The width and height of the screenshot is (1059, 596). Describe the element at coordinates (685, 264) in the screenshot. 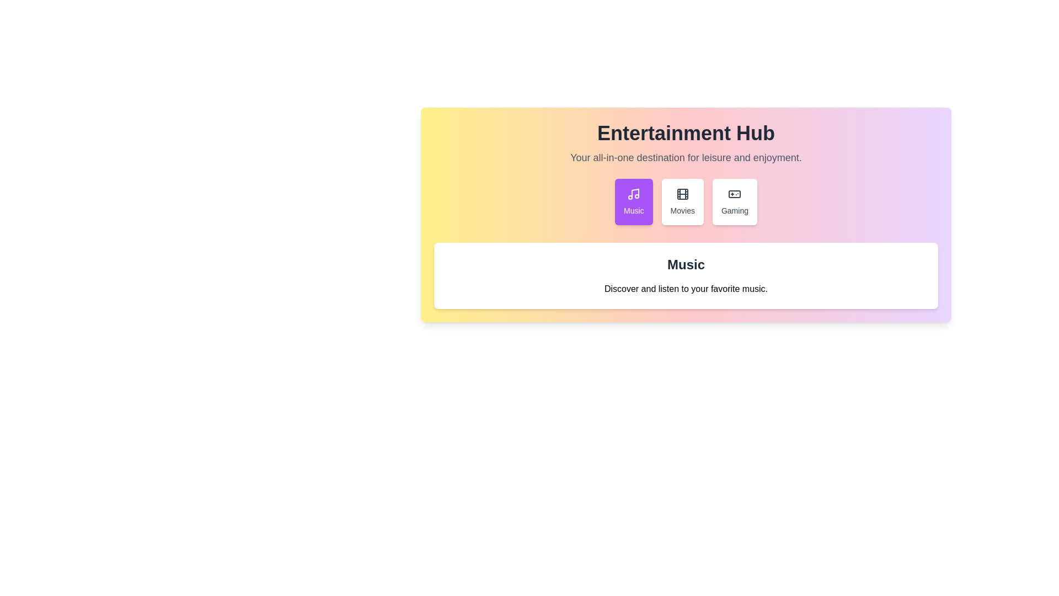

I see `heading text element which serves as the title for the content related to 'Music', located at the top center of the card component` at that location.